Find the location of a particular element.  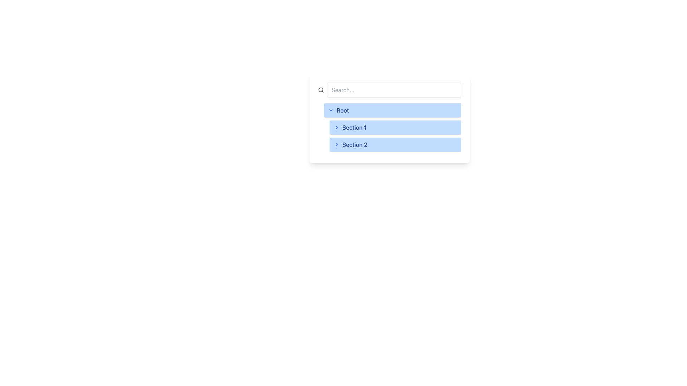

the Text label that serves as a title for the collapsible section in the navigation list is located at coordinates (354, 127).